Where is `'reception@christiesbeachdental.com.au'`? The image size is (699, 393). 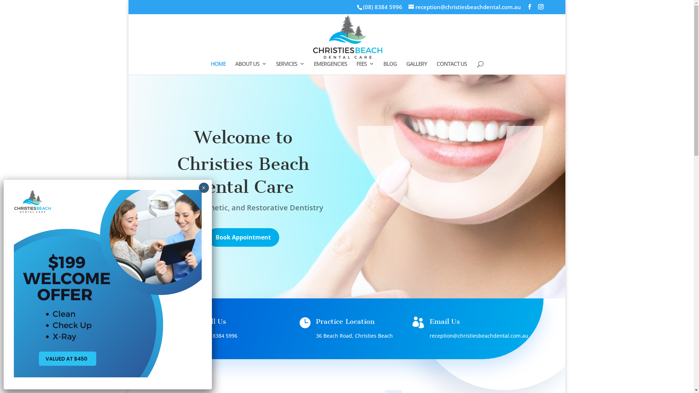
'reception@christiesbeachdental.com.au' is located at coordinates (464, 7).